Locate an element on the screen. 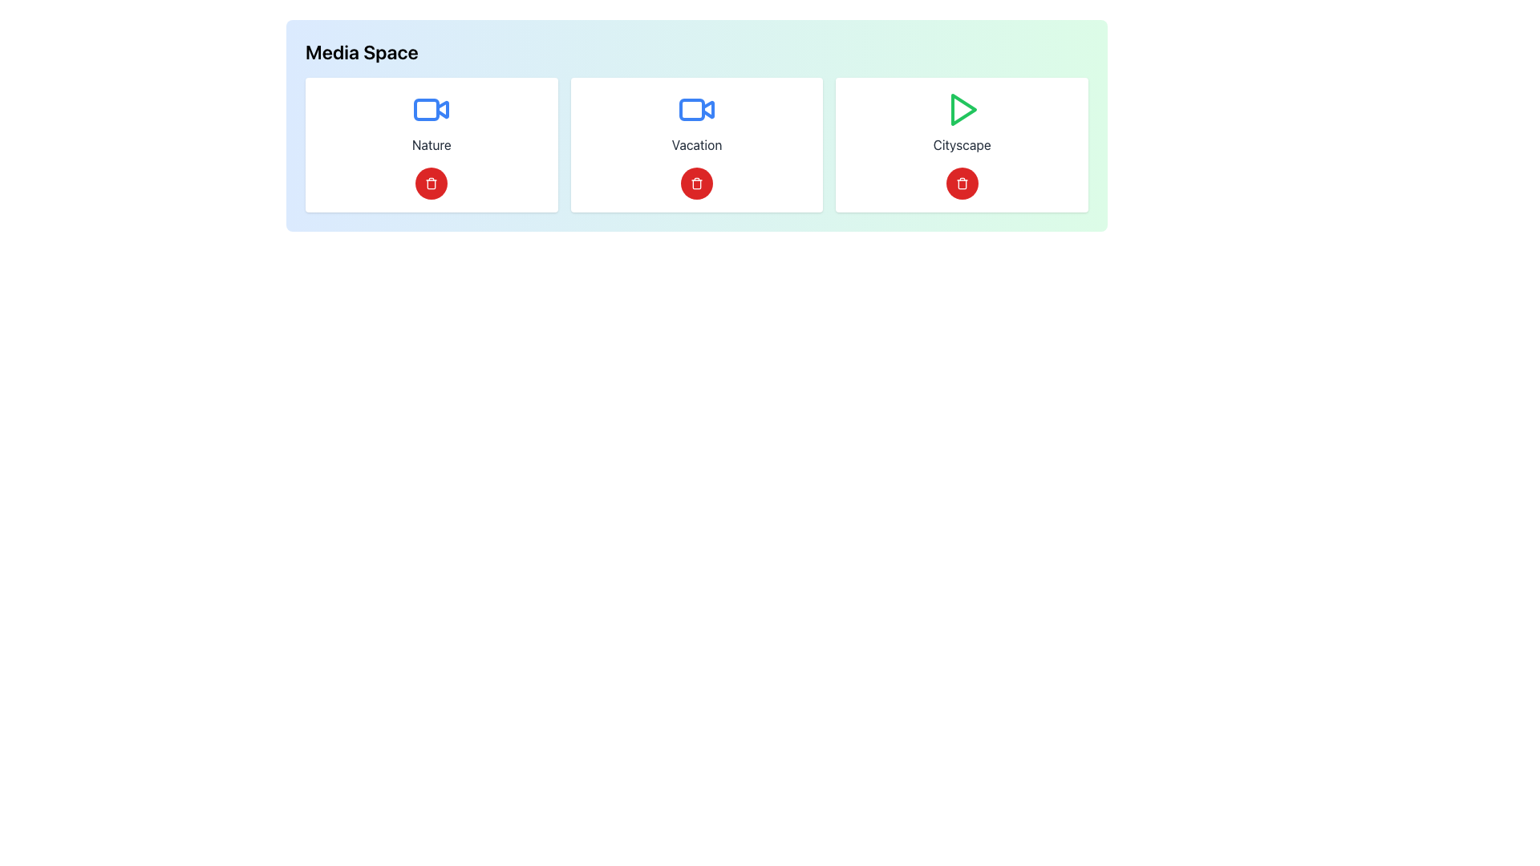 The image size is (1540, 866). the text label 'Nature' styled in gray located in the first card of the grid, positioned below the video icon and above the red circular trash button is located at coordinates (432, 145).